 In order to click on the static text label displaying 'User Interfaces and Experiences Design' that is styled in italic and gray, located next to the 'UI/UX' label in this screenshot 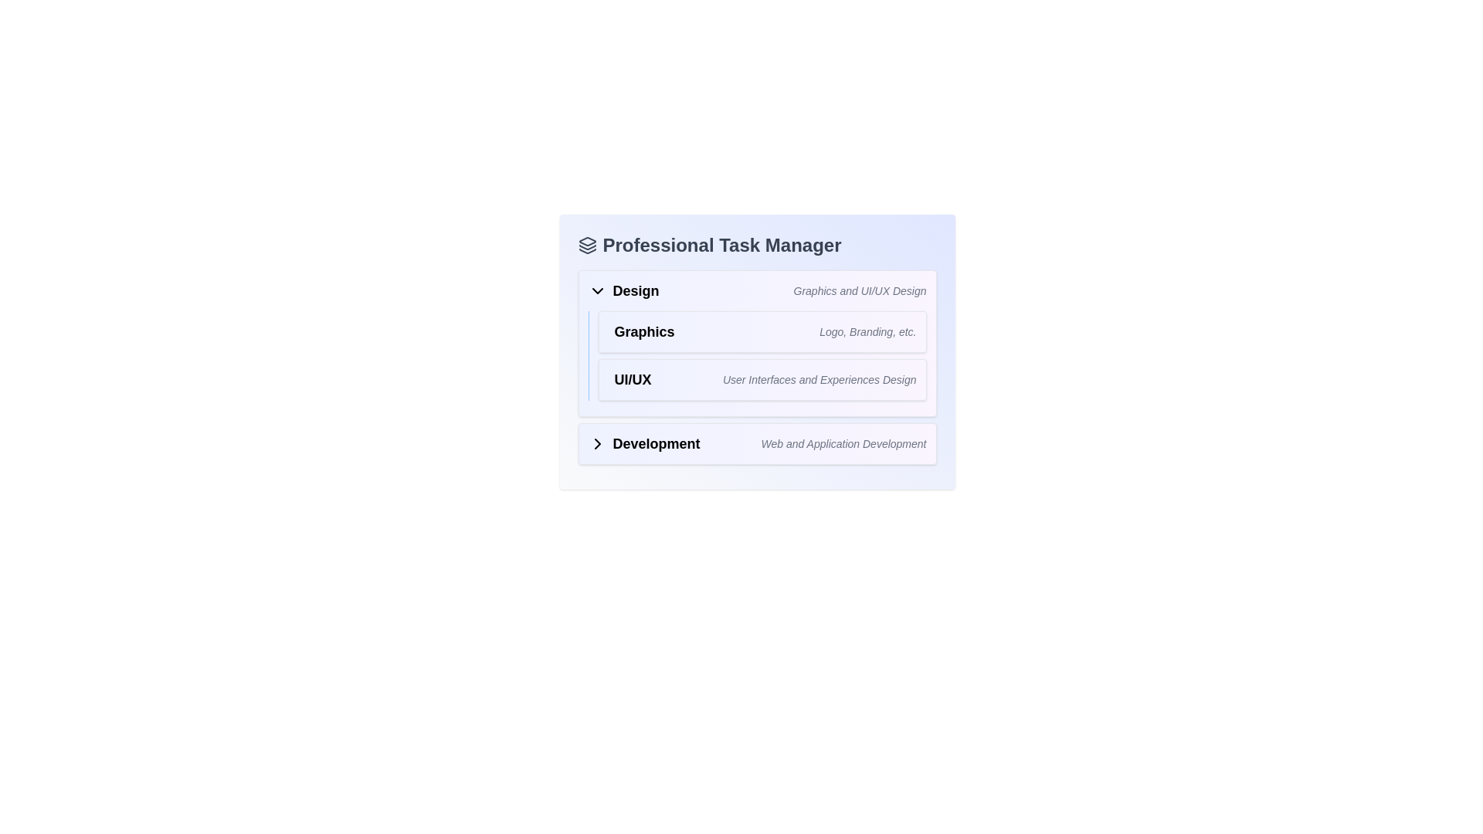, I will do `click(819, 380)`.